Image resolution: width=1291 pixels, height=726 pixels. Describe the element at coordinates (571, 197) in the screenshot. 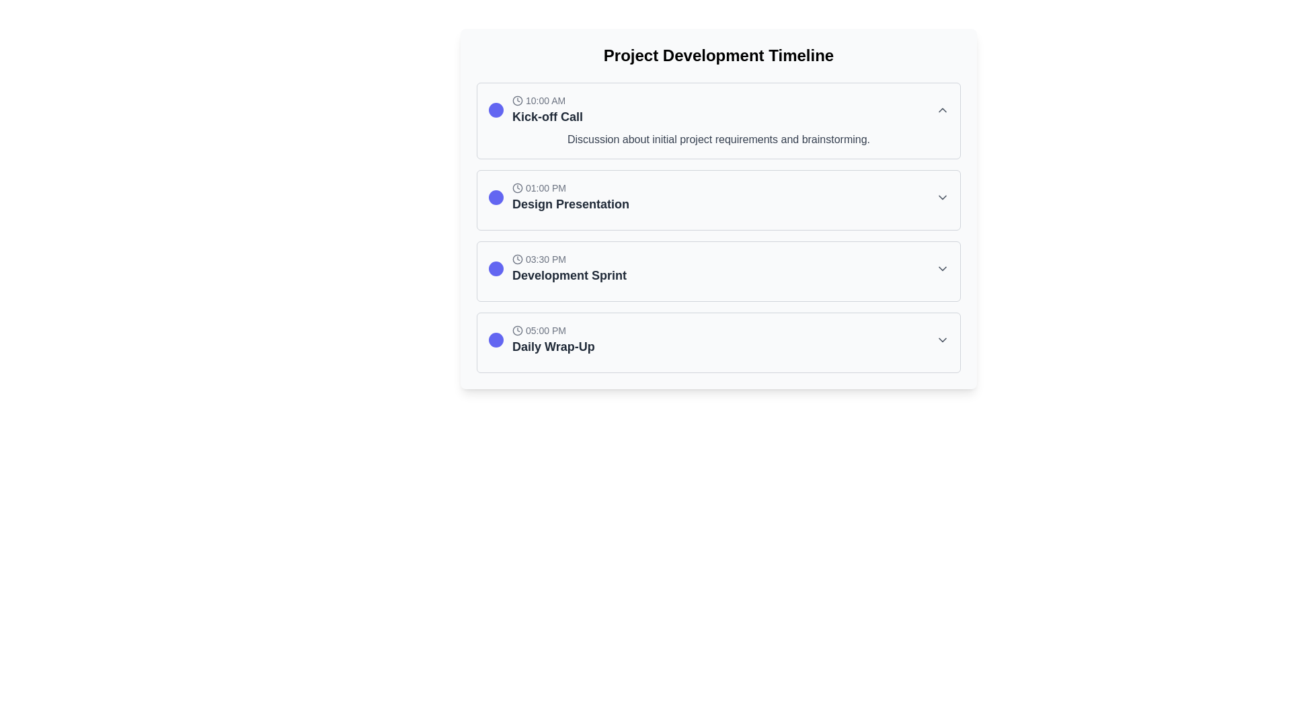

I see `the Text block displaying '01:00 PM' and 'Design Presentation' for accessibility purposes` at that location.